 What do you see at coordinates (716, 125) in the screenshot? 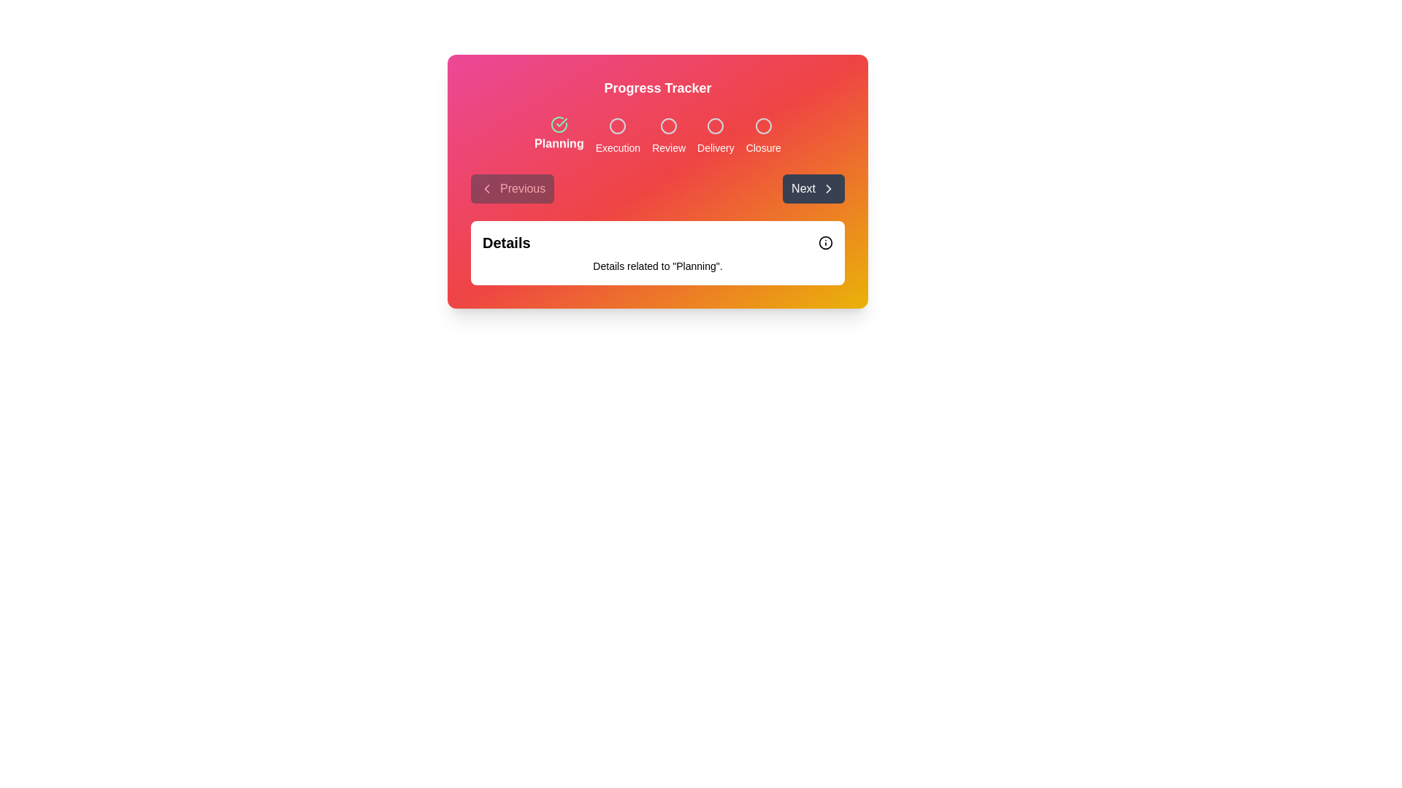
I see `the SVG Circle representing the fourth step of the progress tracker labeled 'Delivery'` at bounding box center [716, 125].